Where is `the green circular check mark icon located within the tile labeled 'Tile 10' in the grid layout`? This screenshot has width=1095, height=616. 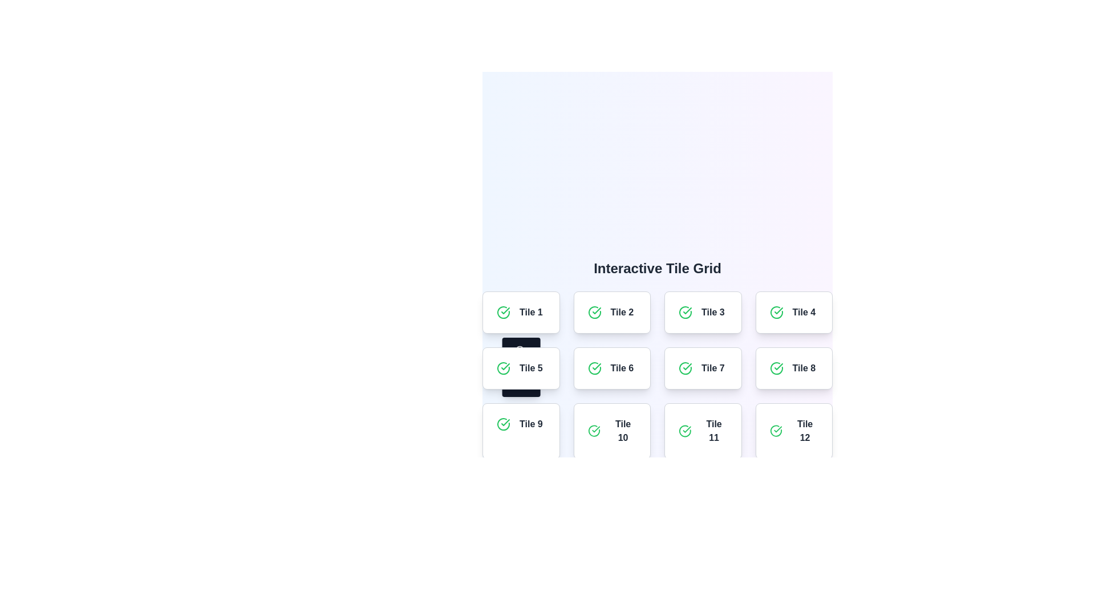 the green circular check mark icon located within the tile labeled 'Tile 10' in the grid layout is located at coordinates (593, 431).